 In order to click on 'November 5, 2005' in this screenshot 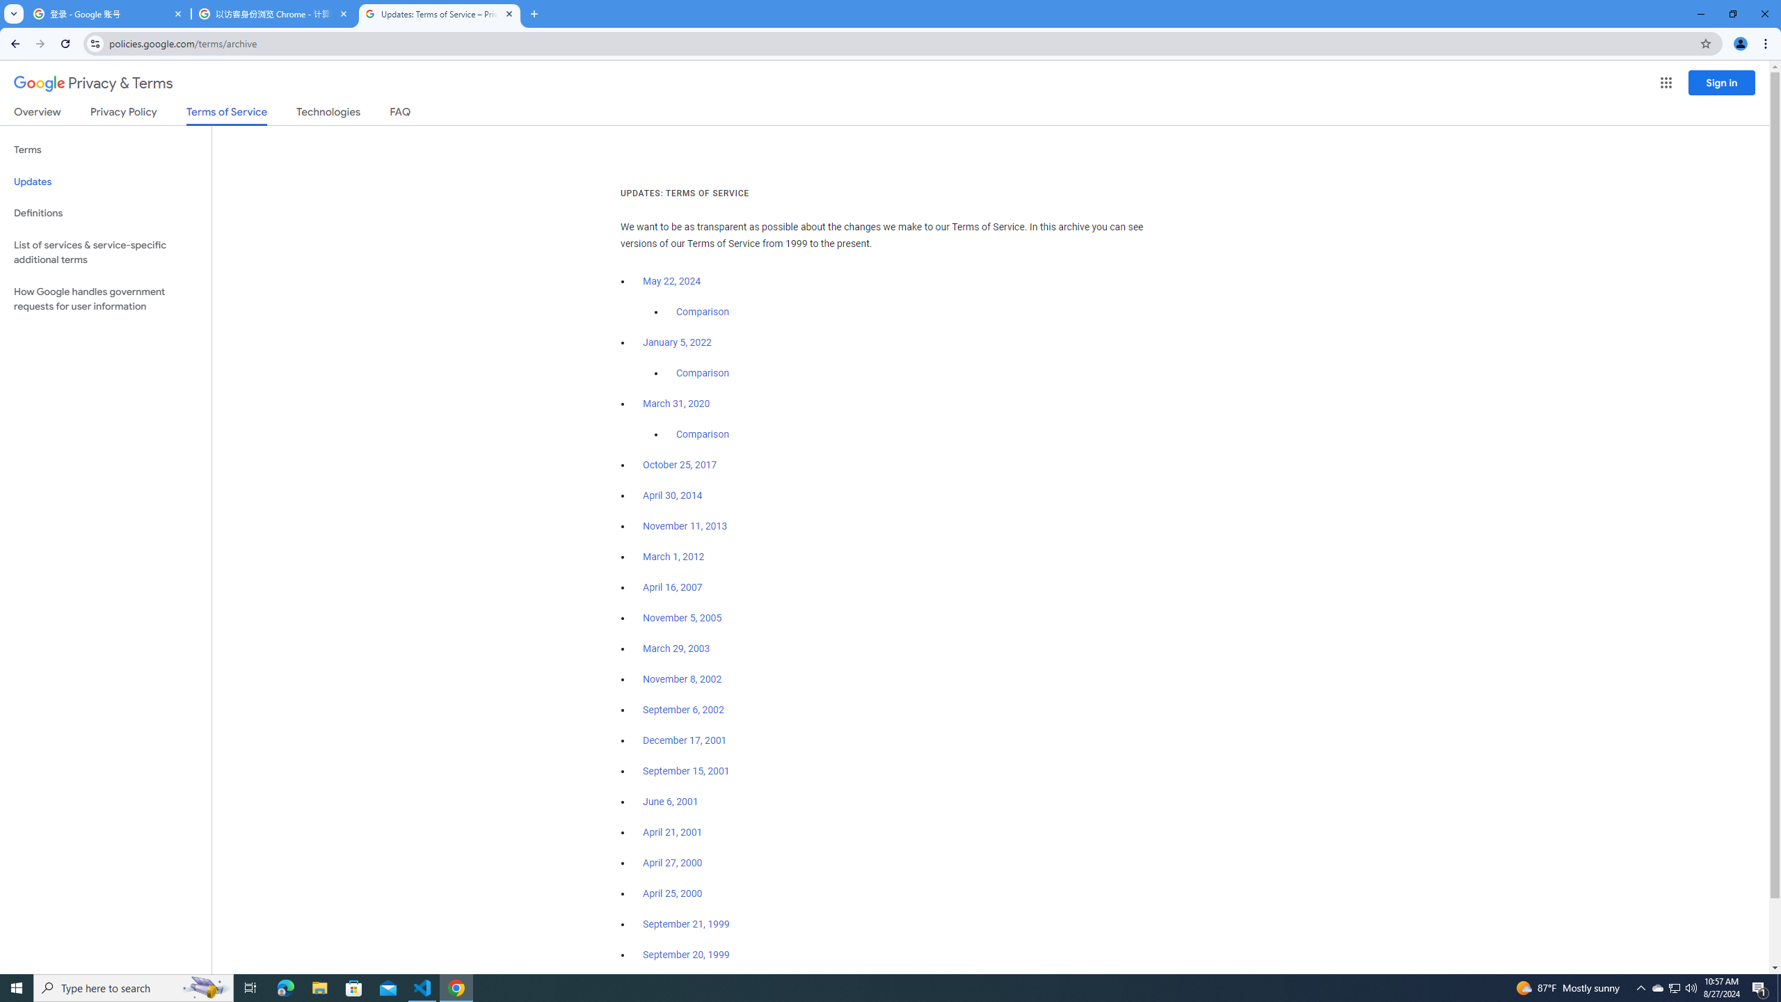, I will do `click(681, 618)`.